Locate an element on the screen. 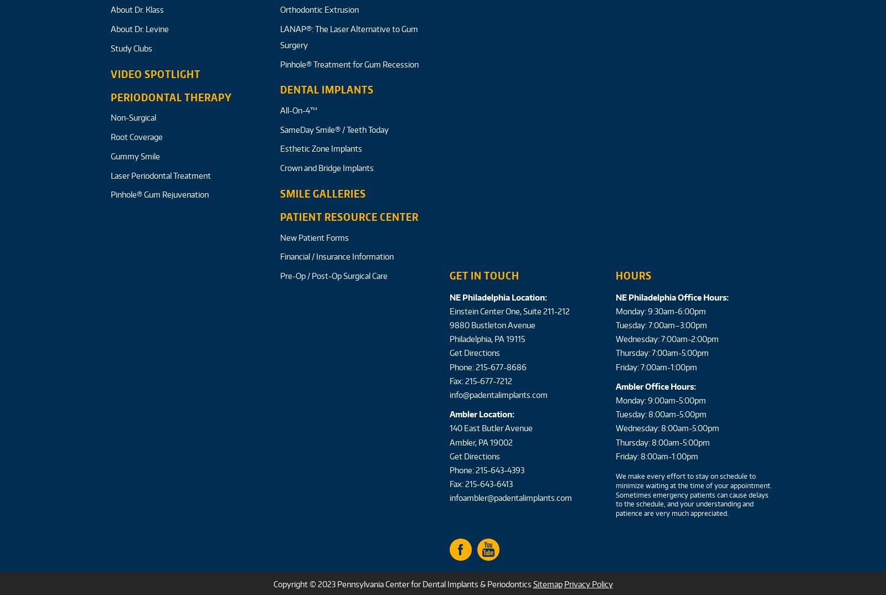 The width and height of the screenshot is (886, 595). 'Financial / Insurance Information' is located at coordinates (336, 256).